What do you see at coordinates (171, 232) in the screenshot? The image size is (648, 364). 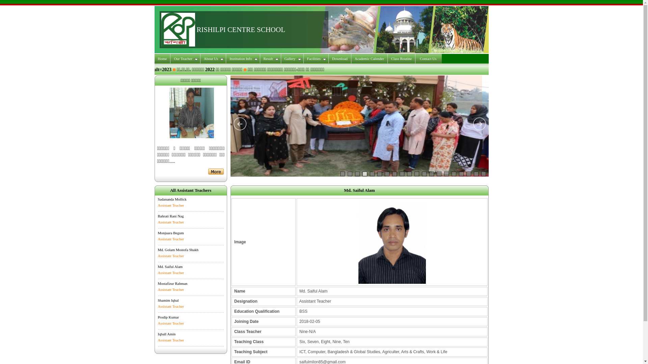 I see `'Monjuara Begum'` at bounding box center [171, 232].